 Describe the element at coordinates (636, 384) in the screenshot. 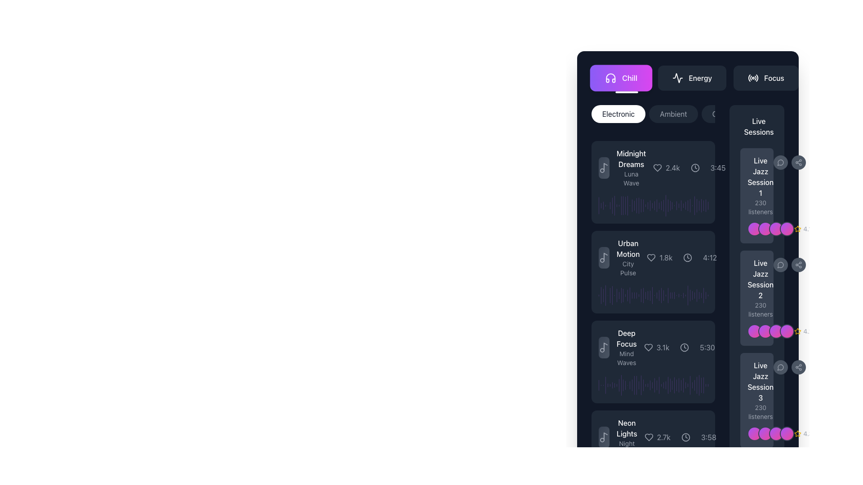

I see `the Visual Indicator (Vertical Bar) located in the 18th position from the left in a horizontal array of similar bars at the far right` at that location.